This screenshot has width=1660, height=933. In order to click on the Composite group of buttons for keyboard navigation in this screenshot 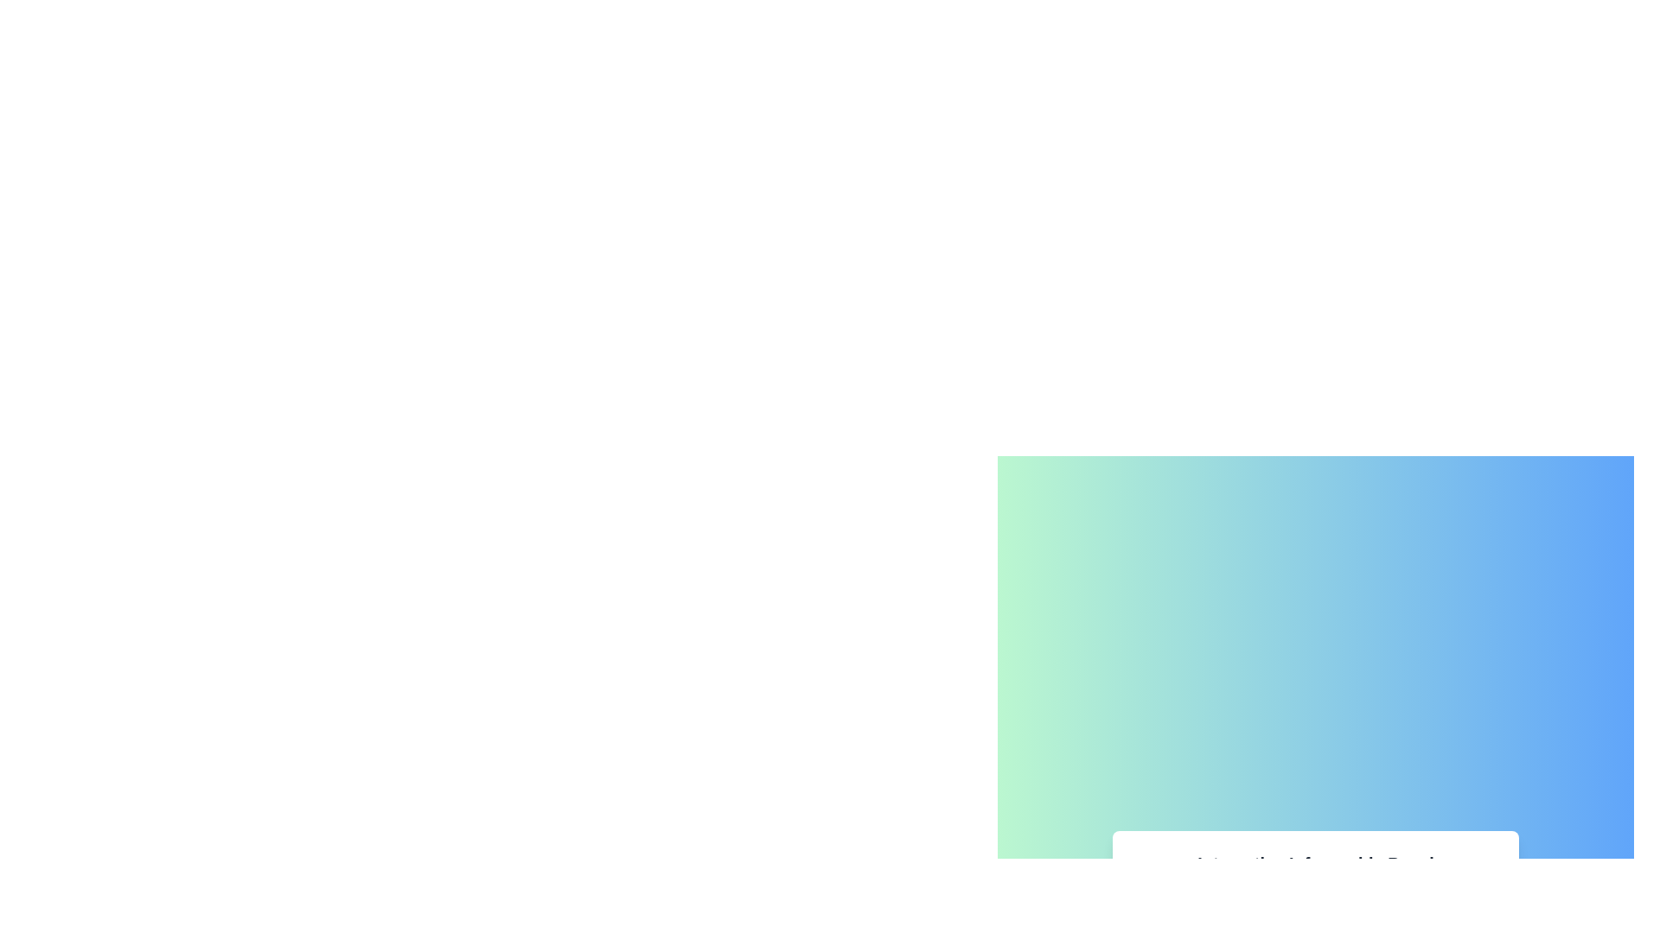, I will do `click(1314, 884)`.